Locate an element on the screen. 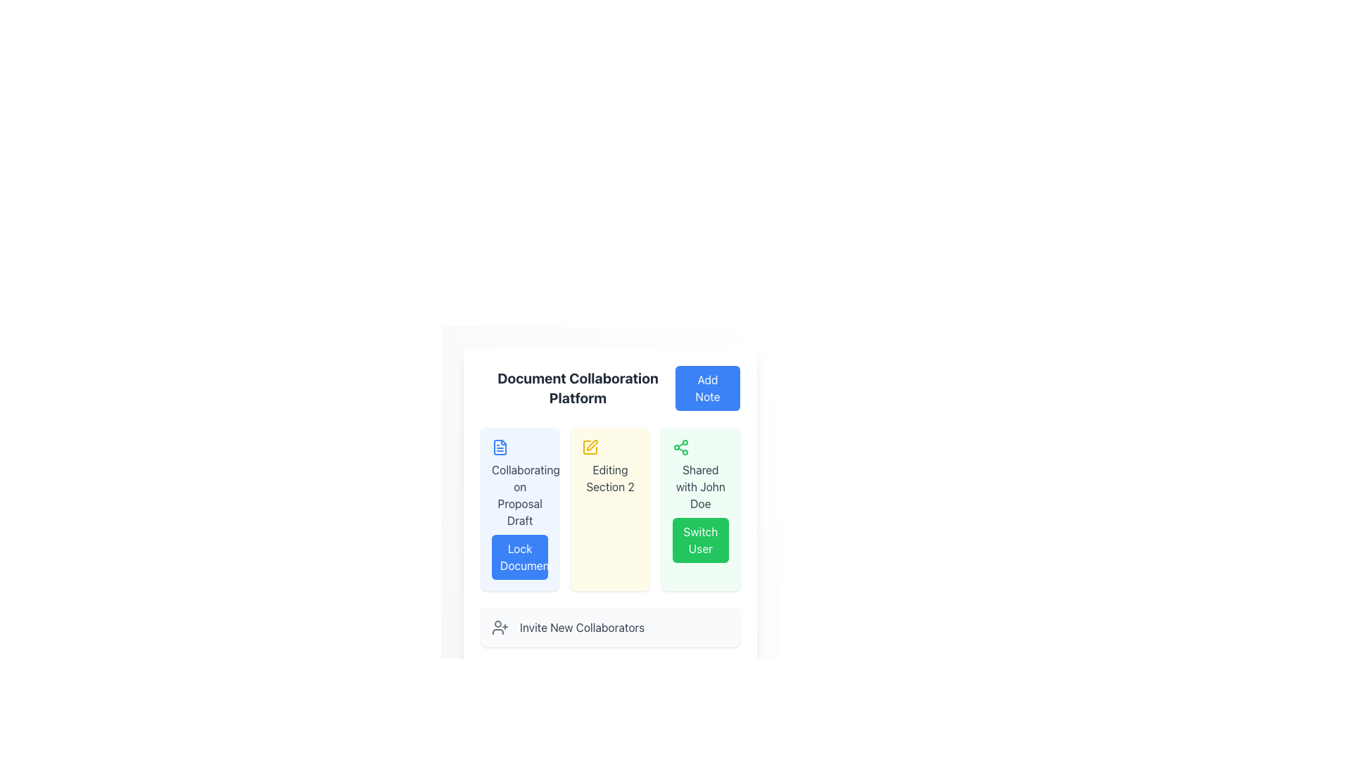 Image resolution: width=1351 pixels, height=760 pixels. the 'Editing Section 2' text or the yellow pen icon in the middle card of the grid, which has a light yellow background is located at coordinates (610, 483).